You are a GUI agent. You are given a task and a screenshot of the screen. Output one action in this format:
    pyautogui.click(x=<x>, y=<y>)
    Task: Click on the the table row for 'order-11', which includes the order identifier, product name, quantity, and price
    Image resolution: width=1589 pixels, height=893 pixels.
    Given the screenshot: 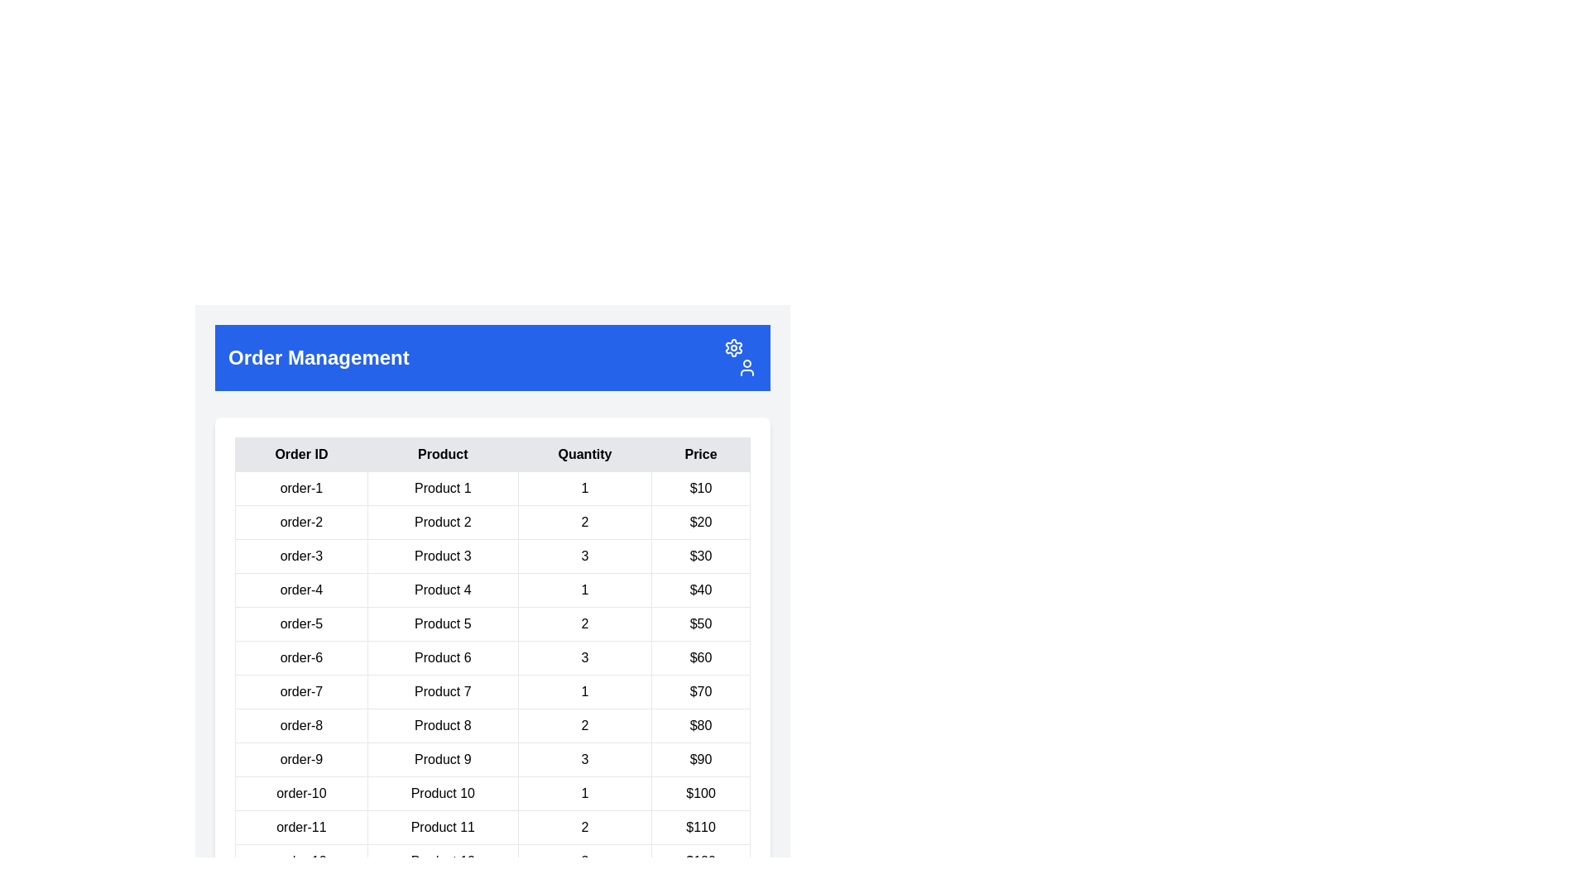 What is the action you would take?
    pyautogui.click(x=492, y=828)
    